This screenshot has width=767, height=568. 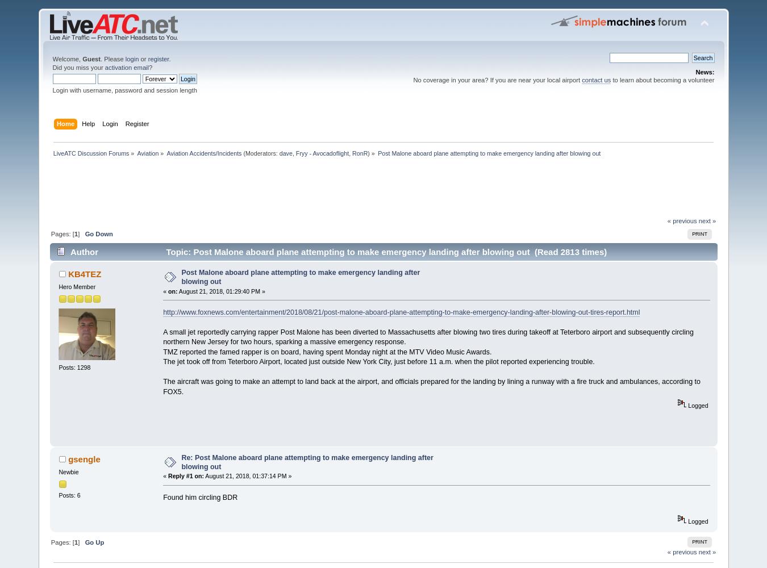 I want to click on 'to learn about becoming a volunteer', so click(x=661, y=80).